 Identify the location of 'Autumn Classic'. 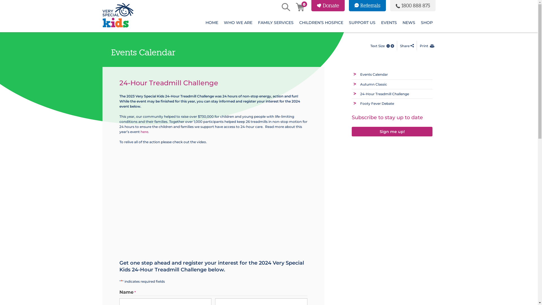
(360, 84).